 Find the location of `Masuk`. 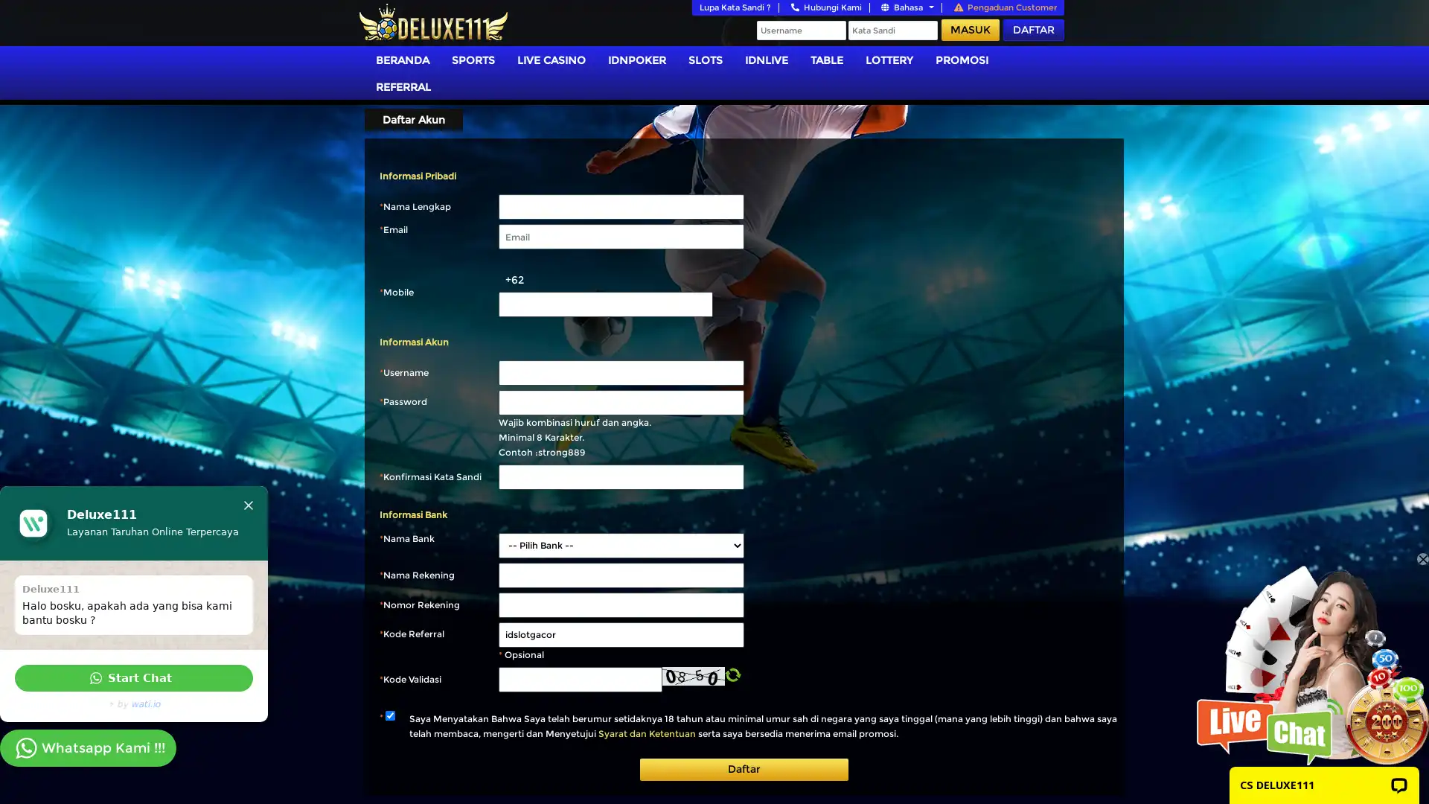

Masuk is located at coordinates (971, 30).